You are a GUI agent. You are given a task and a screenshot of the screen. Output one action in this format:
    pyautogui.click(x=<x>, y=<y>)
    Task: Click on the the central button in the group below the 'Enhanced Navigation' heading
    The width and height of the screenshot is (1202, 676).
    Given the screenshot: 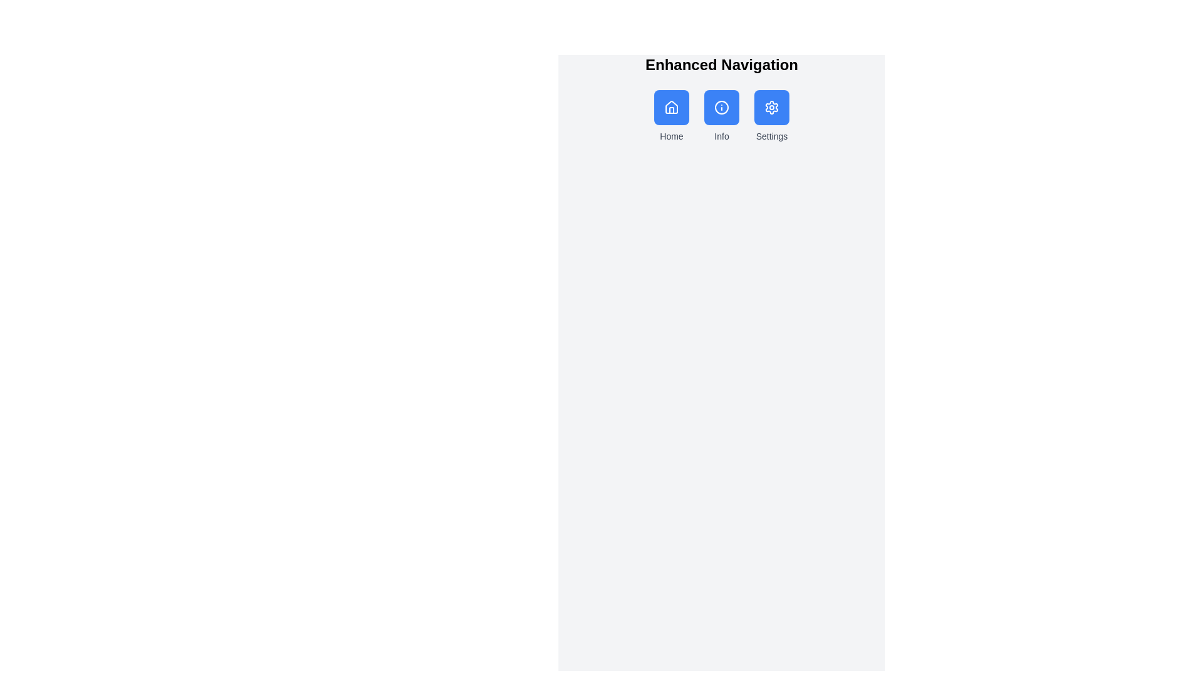 What is the action you would take?
    pyautogui.click(x=721, y=116)
    